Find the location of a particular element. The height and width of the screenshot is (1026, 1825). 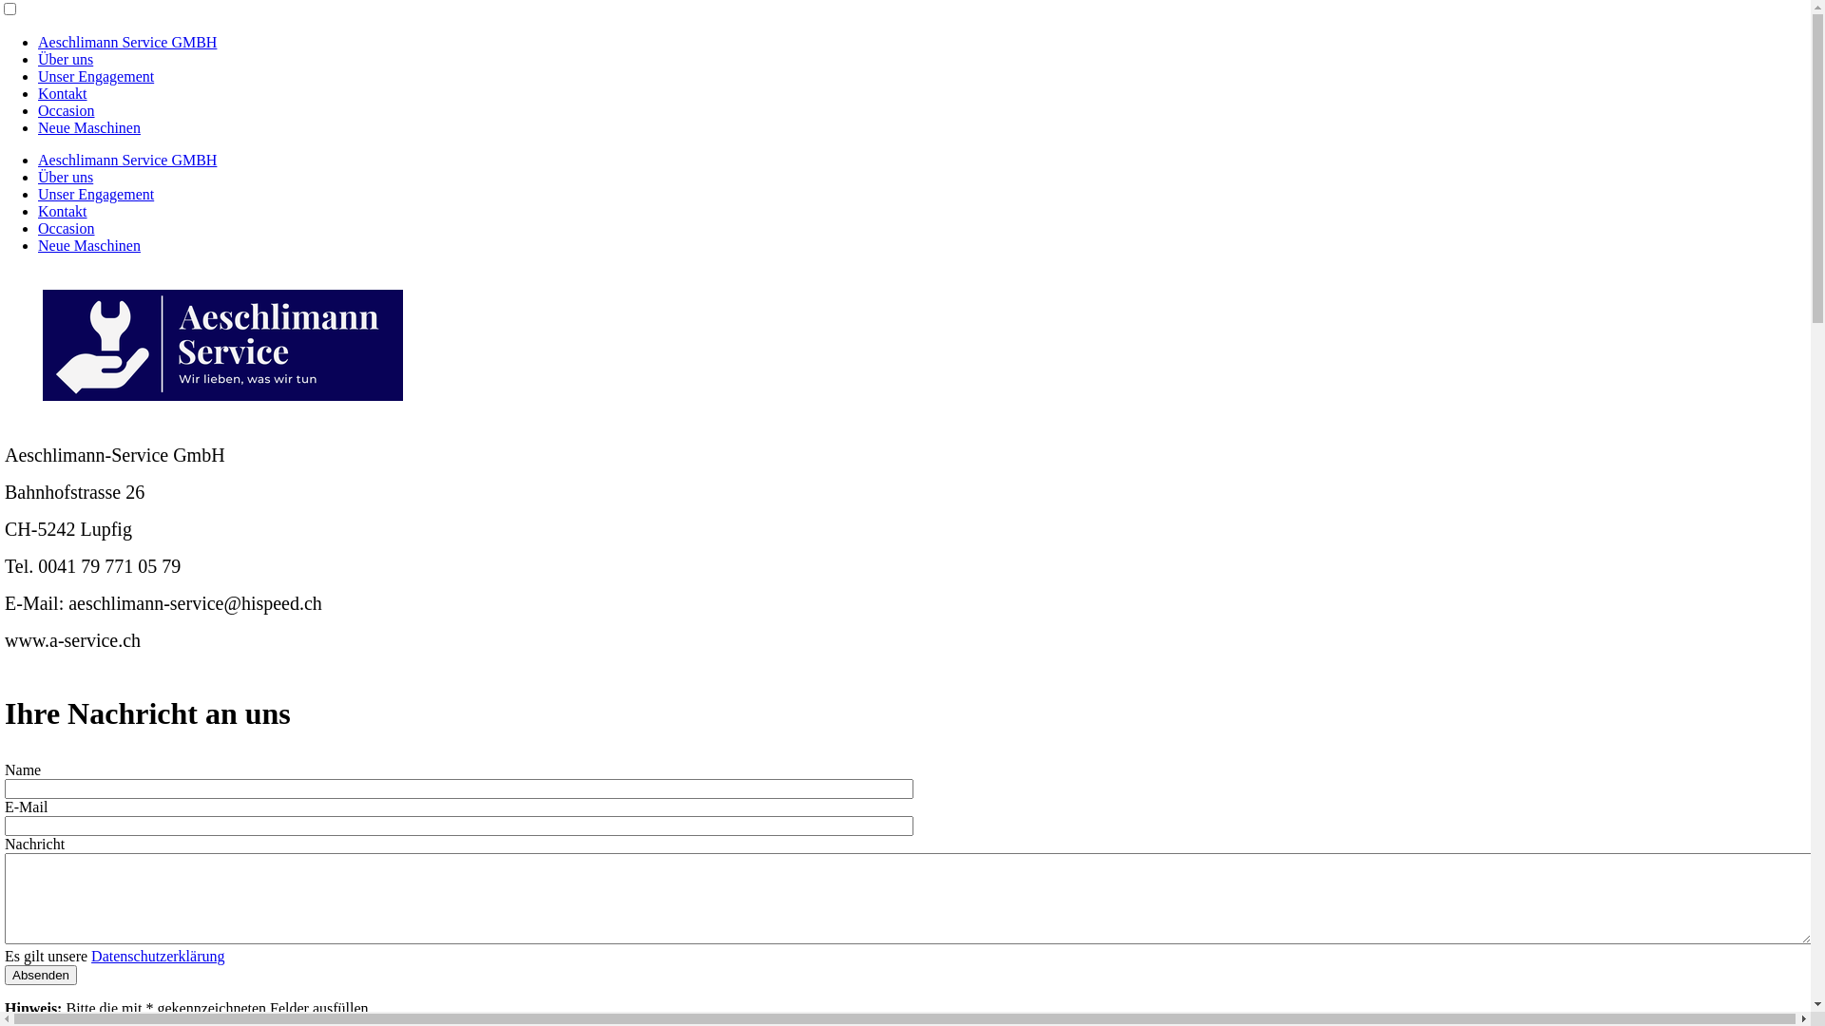

'Kontakt' is located at coordinates (37, 93).